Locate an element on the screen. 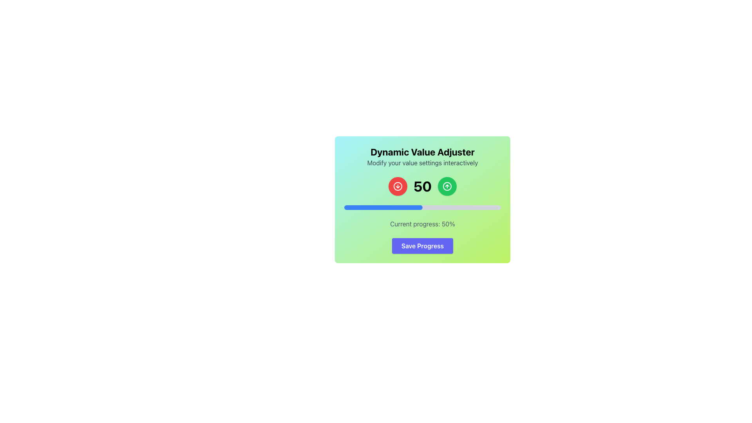 The height and width of the screenshot is (423, 752). the instructional text located beneath the 'Dynamic Value Adjuster' heading is located at coordinates (422, 163).